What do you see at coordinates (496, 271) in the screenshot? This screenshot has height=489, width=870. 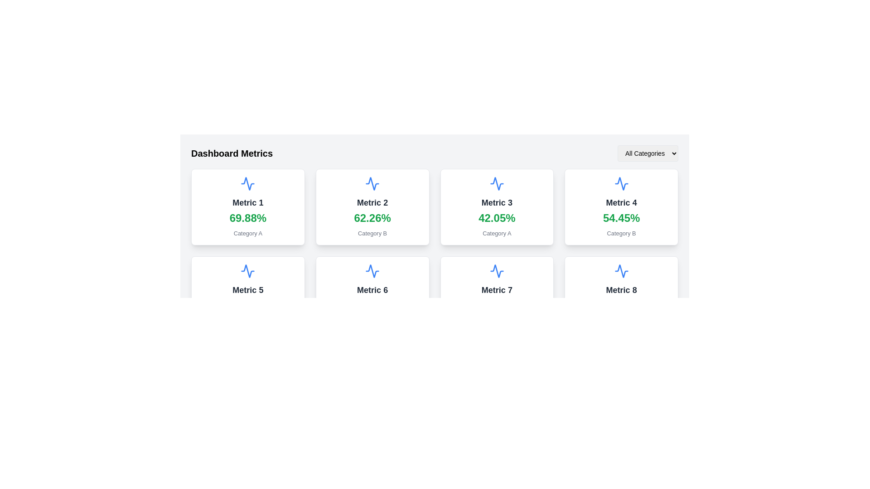 I see `the blue vector graphic icon representing an activity waveform within the card labeled 'Metric 7', which is centrally positioned above the displayed text` at bounding box center [496, 271].